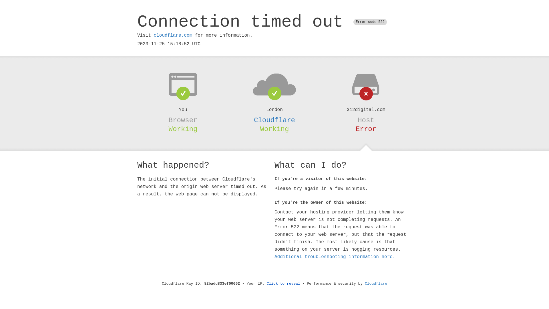 The height and width of the screenshot is (309, 549). What do you see at coordinates (274, 120) in the screenshot?
I see `'Cloudflare'` at bounding box center [274, 120].